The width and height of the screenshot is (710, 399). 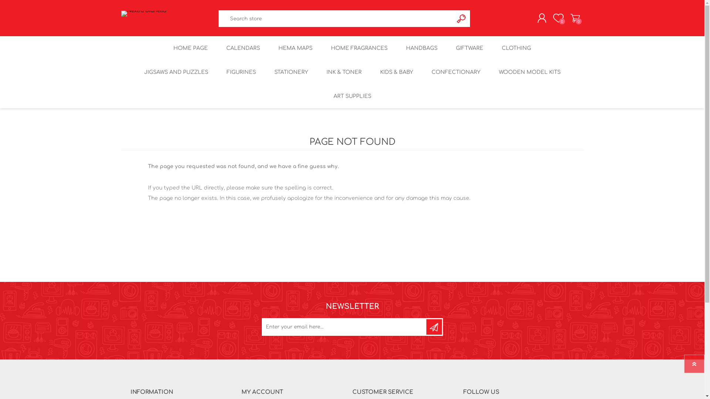 What do you see at coordinates (243, 48) in the screenshot?
I see `'CALENDARS'` at bounding box center [243, 48].